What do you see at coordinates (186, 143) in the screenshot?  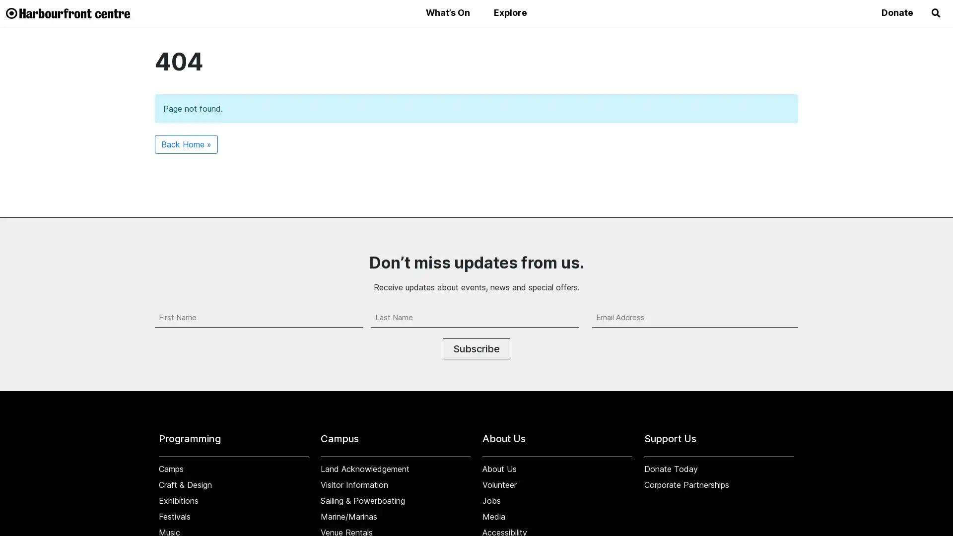 I see `Back Home` at bounding box center [186, 143].